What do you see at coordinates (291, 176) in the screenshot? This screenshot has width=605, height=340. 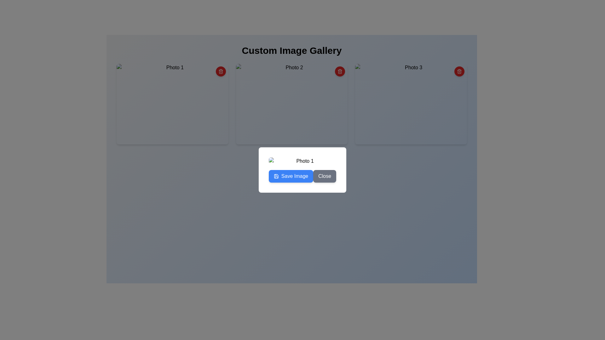 I see `the image save button located within the modal window, positioned to the left of the 'Close' button` at bounding box center [291, 176].